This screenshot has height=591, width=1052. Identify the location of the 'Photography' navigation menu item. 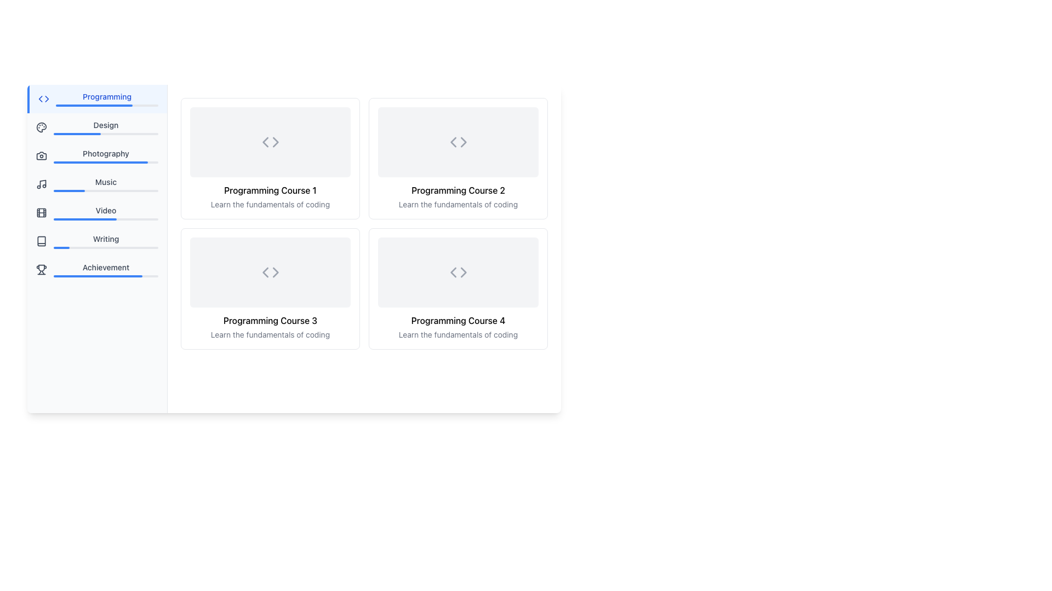
(106, 156).